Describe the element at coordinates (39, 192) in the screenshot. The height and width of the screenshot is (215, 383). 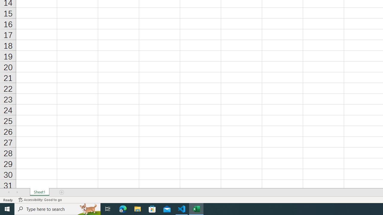
I see `'Sheet1'` at that location.